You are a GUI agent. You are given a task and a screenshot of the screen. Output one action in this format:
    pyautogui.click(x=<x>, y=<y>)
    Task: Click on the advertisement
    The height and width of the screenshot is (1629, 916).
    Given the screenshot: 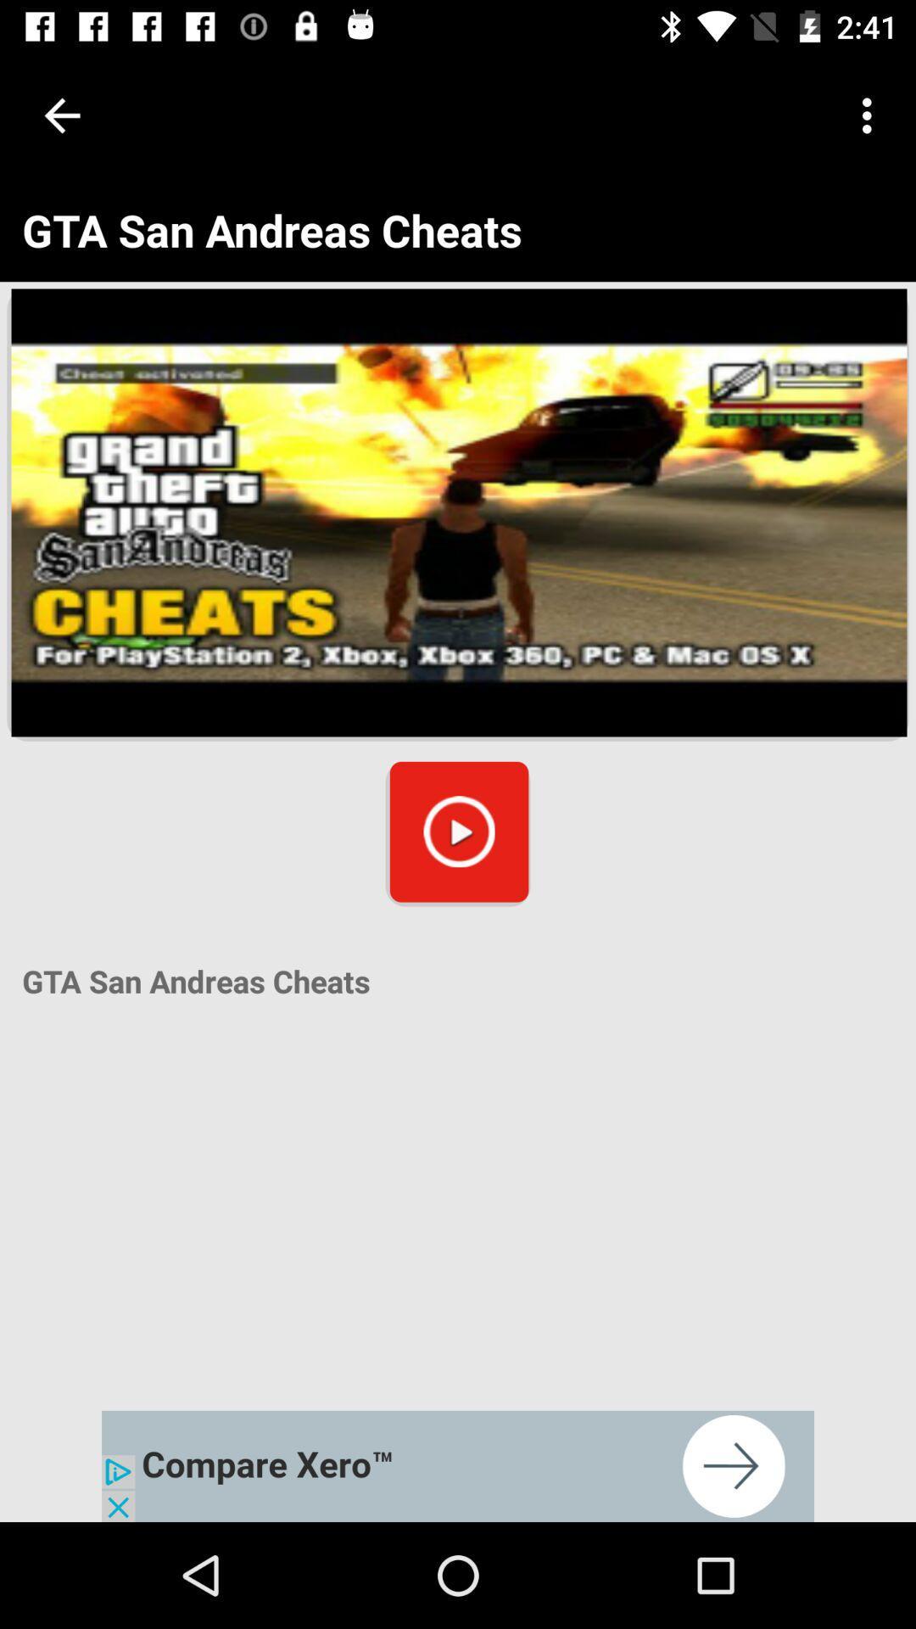 What is the action you would take?
    pyautogui.click(x=458, y=1465)
    